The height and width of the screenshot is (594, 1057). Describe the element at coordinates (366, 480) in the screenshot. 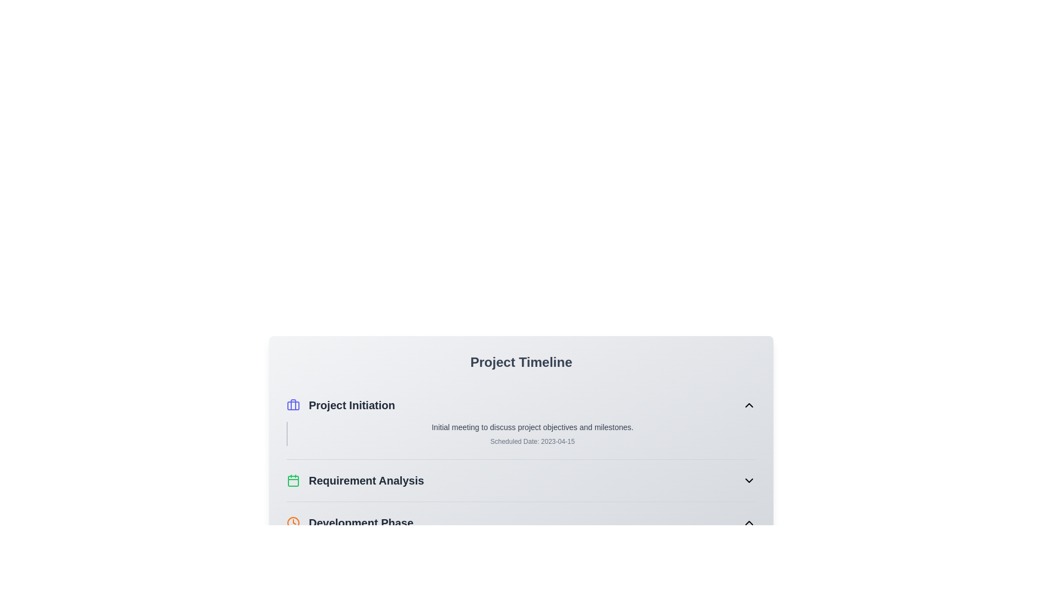

I see `the 'Requirement Analysis' text label, which is positioned to the right of a green calendar icon within the 'Project Timeline' section` at that location.